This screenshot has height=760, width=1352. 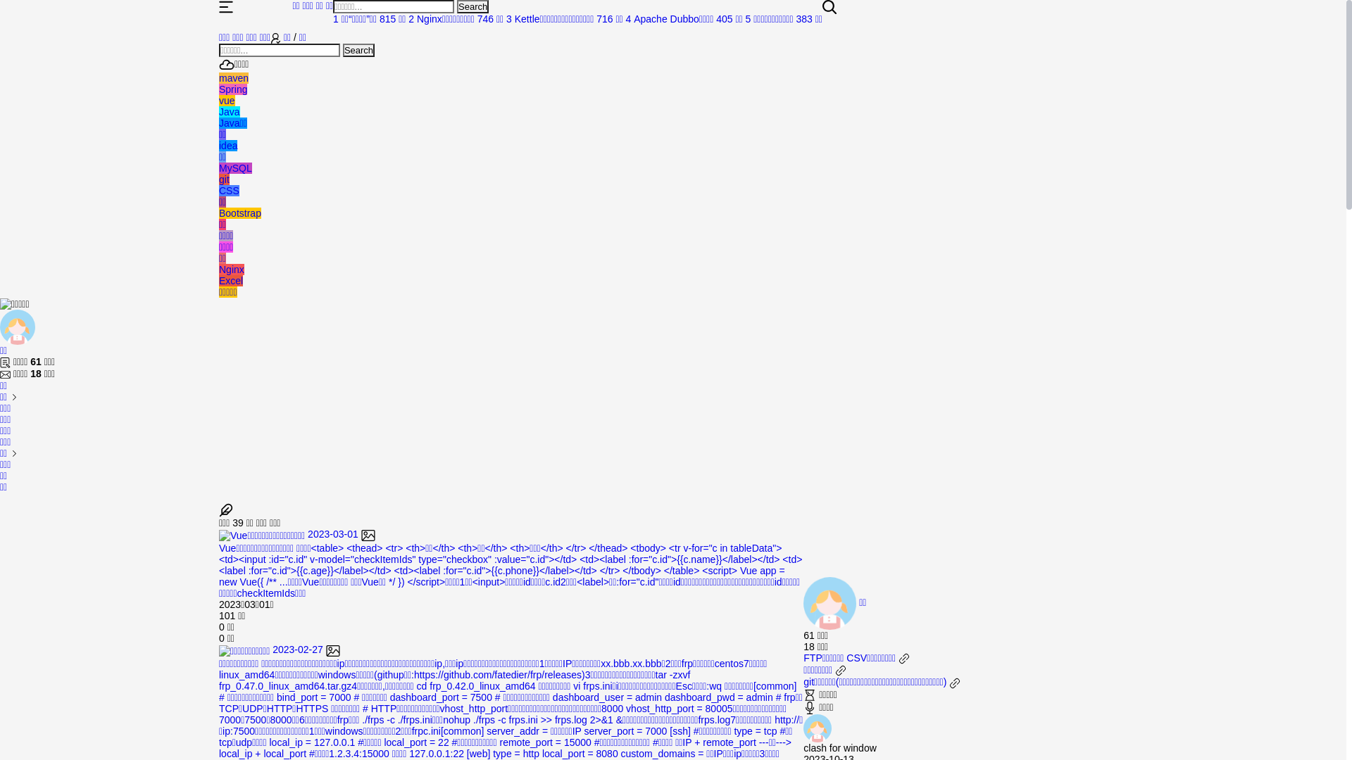 What do you see at coordinates (228, 146) in the screenshot?
I see `'idea'` at bounding box center [228, 146].